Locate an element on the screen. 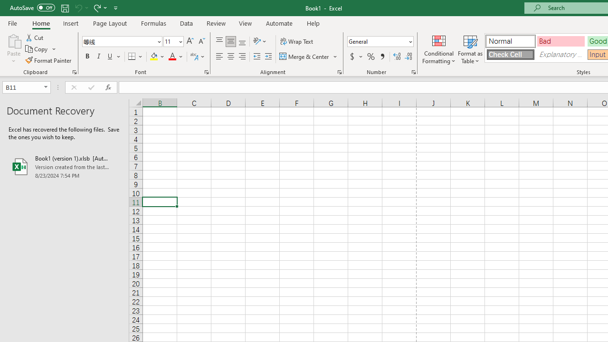 The image size is (608, 342). 'Center' is located at coordinates (230, 57).